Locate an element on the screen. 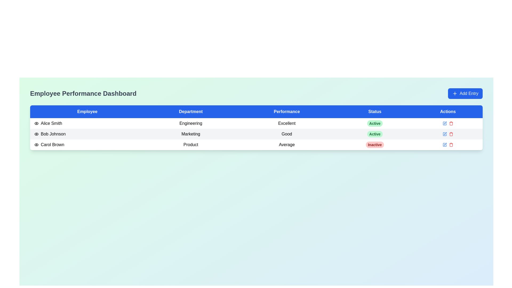 The image size is (512, 288). the trash icon in the 'Actions' column of the last row in the table associated with 'Carol Brown' to initiate the delete action is located at coordinates (451, 134).